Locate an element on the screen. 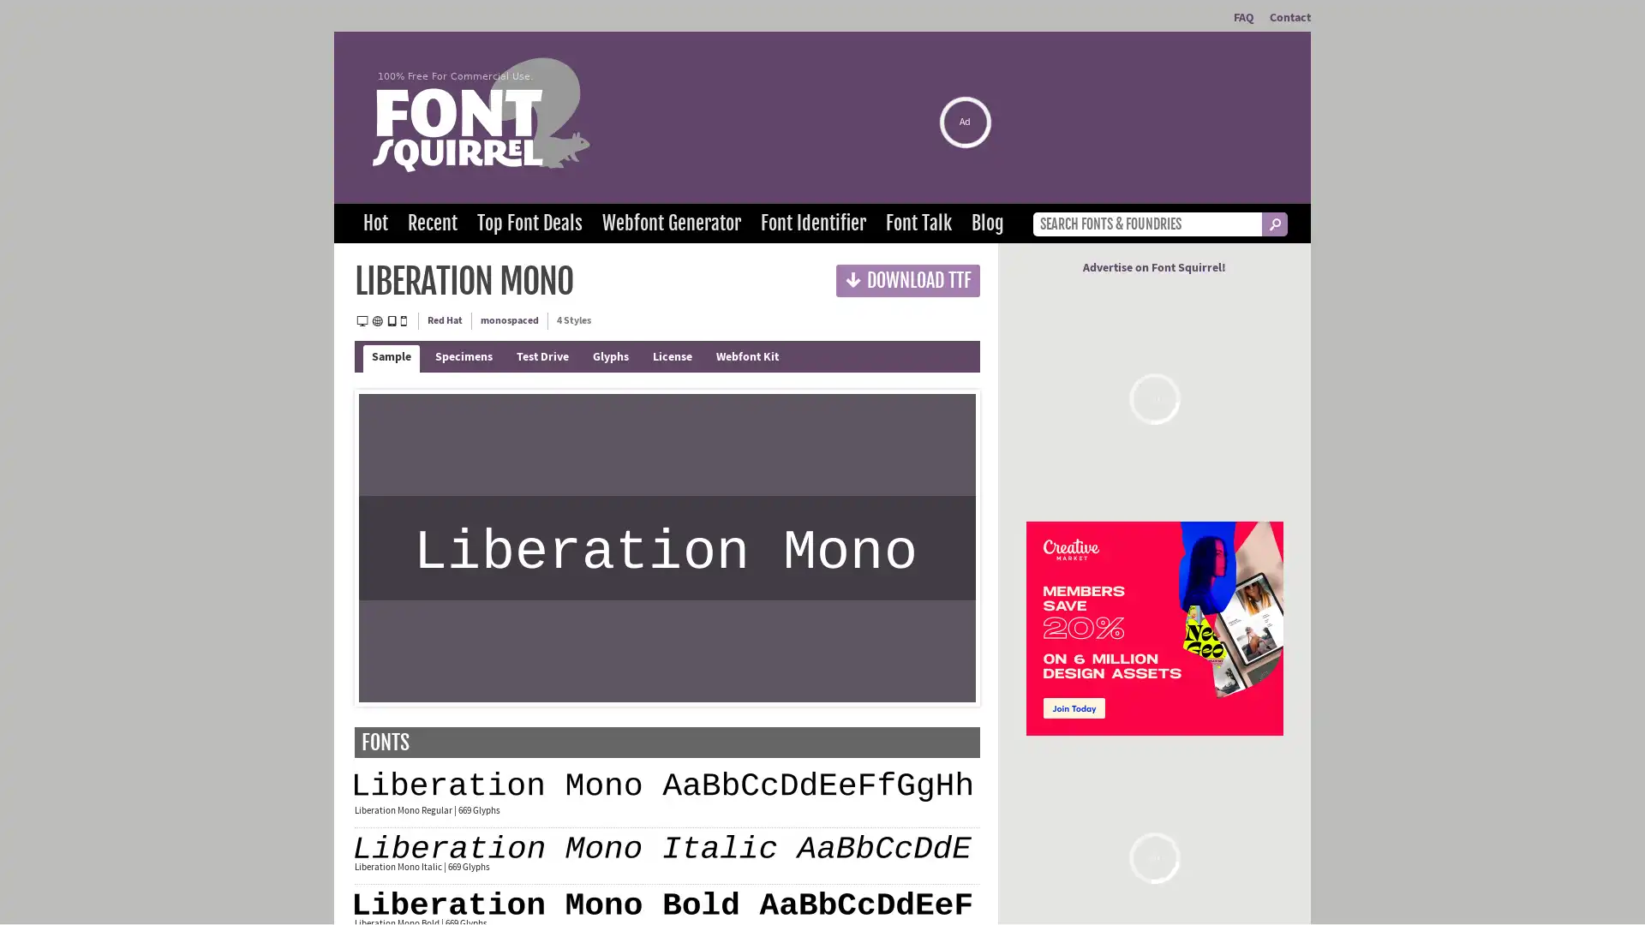 Image resolution: width=1645 pixels, height=925 pixels. _ is located at coordinates (1275, 224).